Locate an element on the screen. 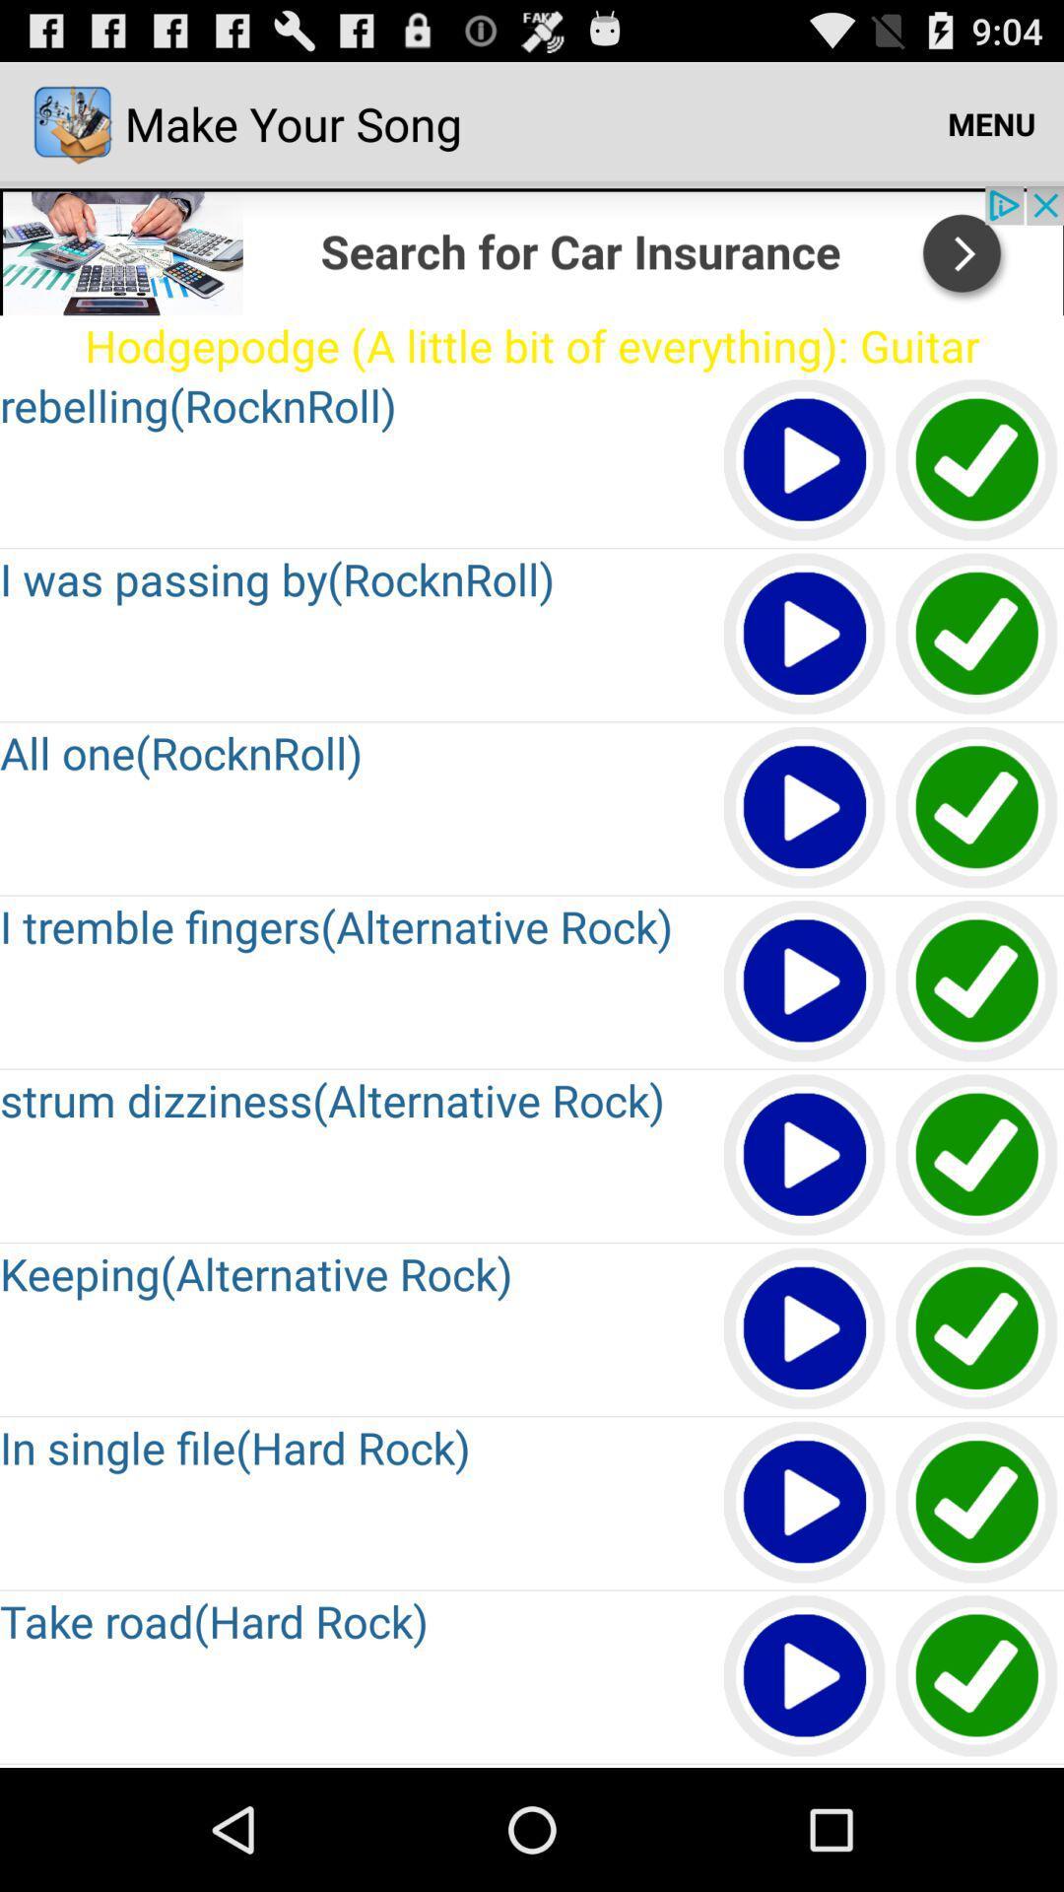 The width and height of the screenshot is (1064, 1892). shalte is located at coordinates (977, 1766).